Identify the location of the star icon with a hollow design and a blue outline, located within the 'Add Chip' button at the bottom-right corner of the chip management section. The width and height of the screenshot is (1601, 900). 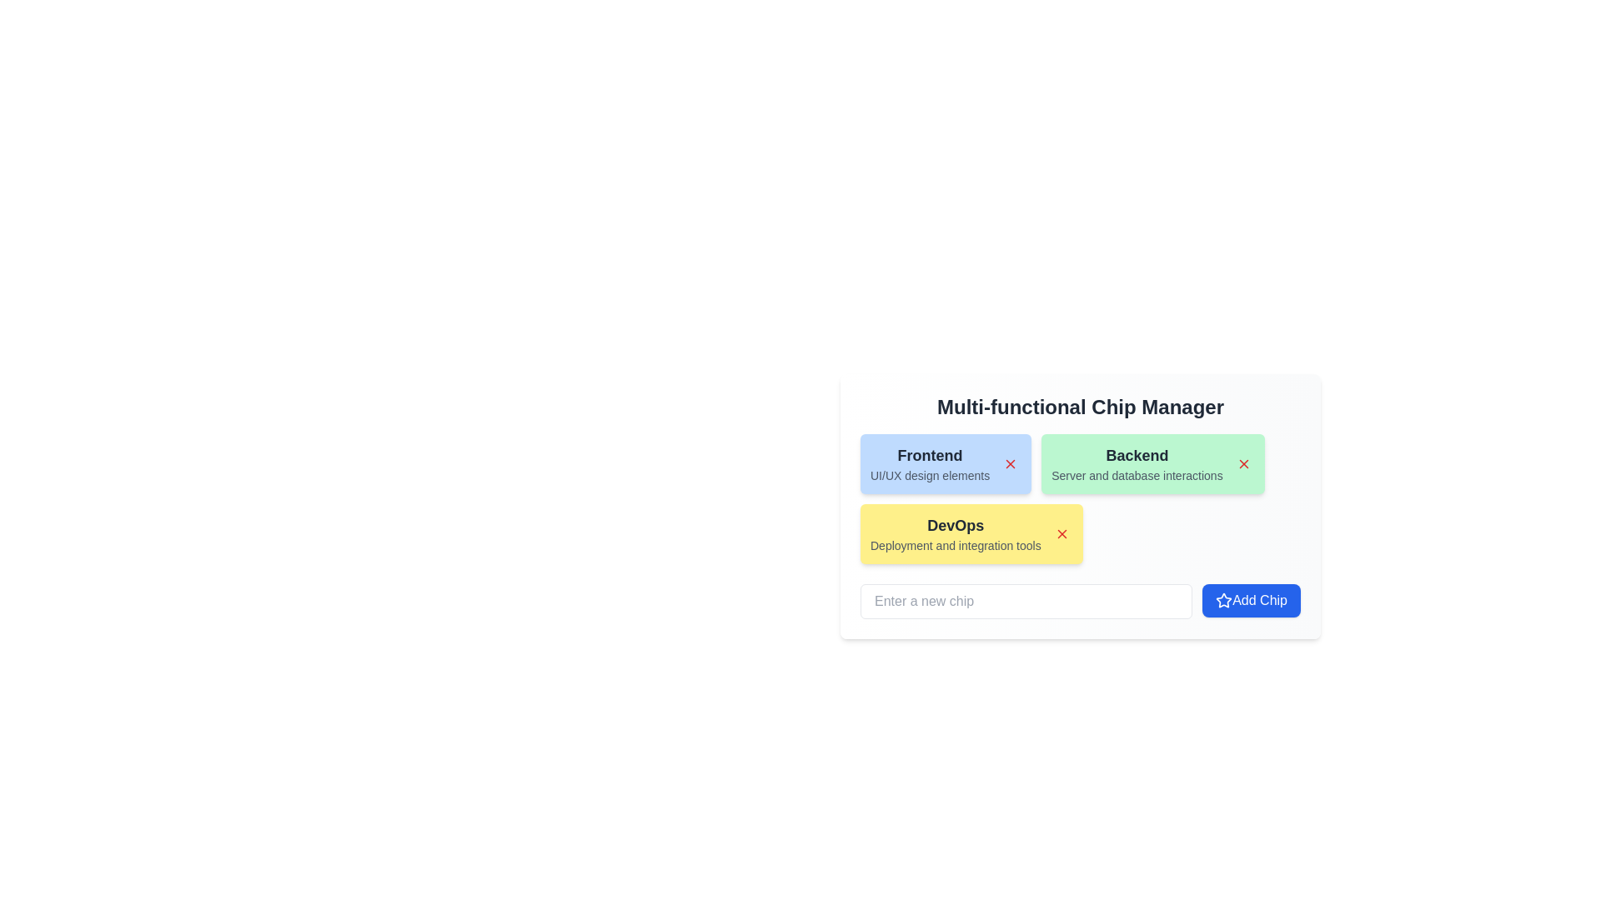
(1224, 600).